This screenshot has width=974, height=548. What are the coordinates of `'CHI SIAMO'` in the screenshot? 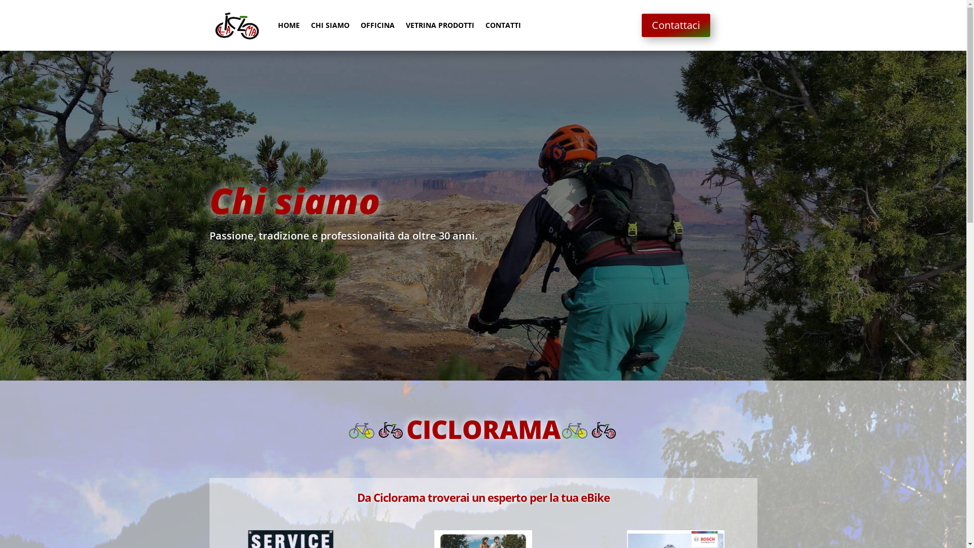 It's located at (329, 25).